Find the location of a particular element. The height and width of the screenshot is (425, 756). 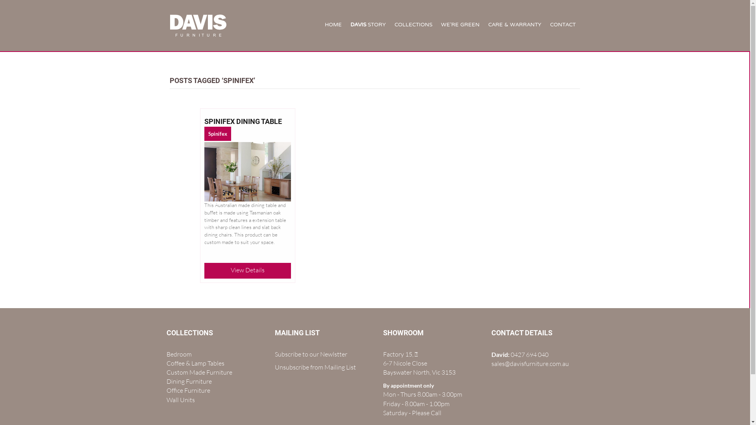

'Bedroom' is located at coordinates (178, 353).